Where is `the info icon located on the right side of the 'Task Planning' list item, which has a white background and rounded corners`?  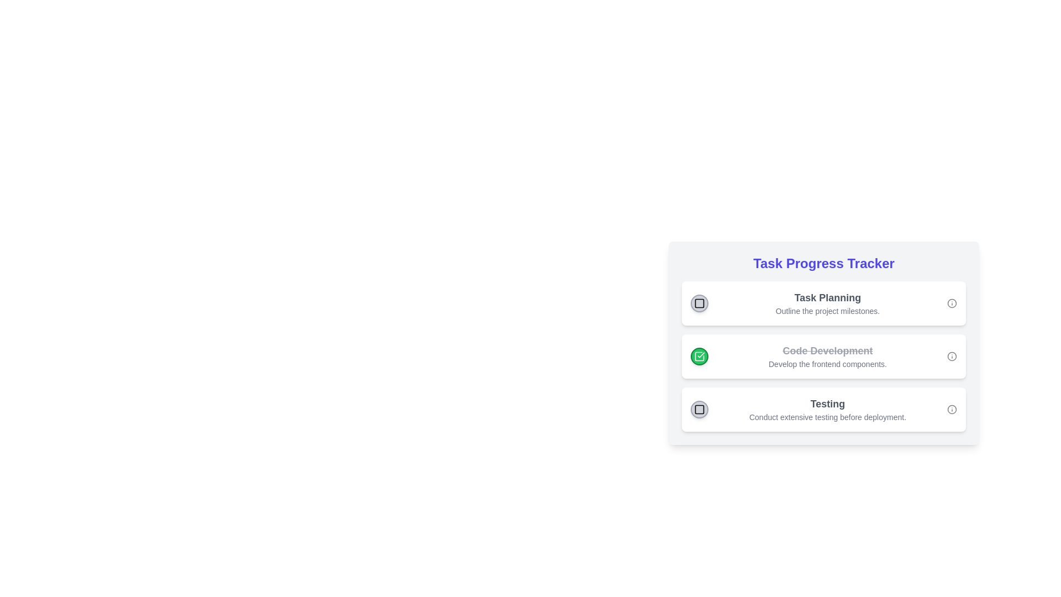
the info icon located on the right side of the 'Task Planning' list item, which has a white background and rounded corners is located at coordinates (824, 303).